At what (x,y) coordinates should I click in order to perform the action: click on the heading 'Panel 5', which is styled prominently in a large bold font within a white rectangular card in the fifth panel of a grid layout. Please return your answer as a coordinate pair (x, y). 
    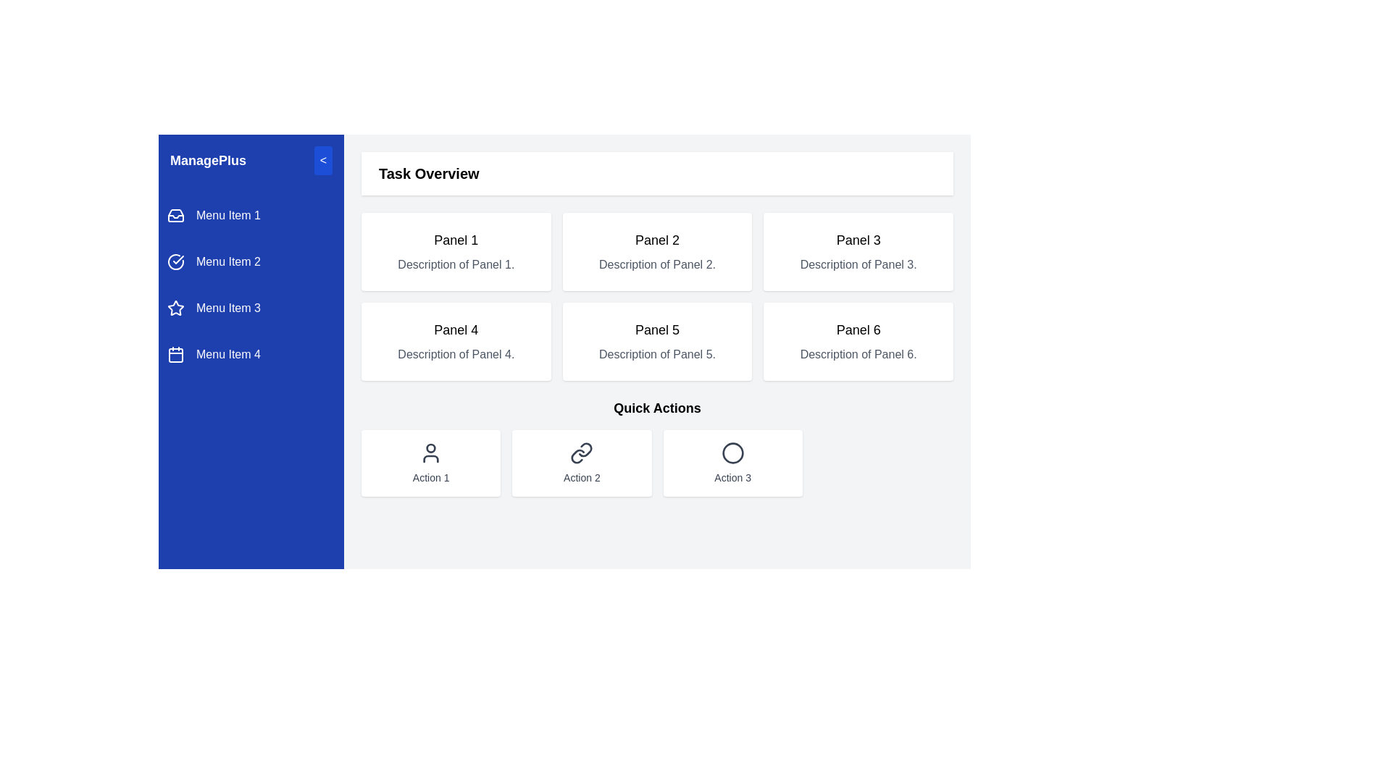
    Looking at the image, I should click on (656, 329).